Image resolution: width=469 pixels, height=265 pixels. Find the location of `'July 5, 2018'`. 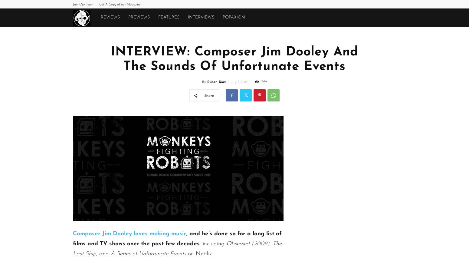

'July 5, 2018' is located at coordinates (239, 82).